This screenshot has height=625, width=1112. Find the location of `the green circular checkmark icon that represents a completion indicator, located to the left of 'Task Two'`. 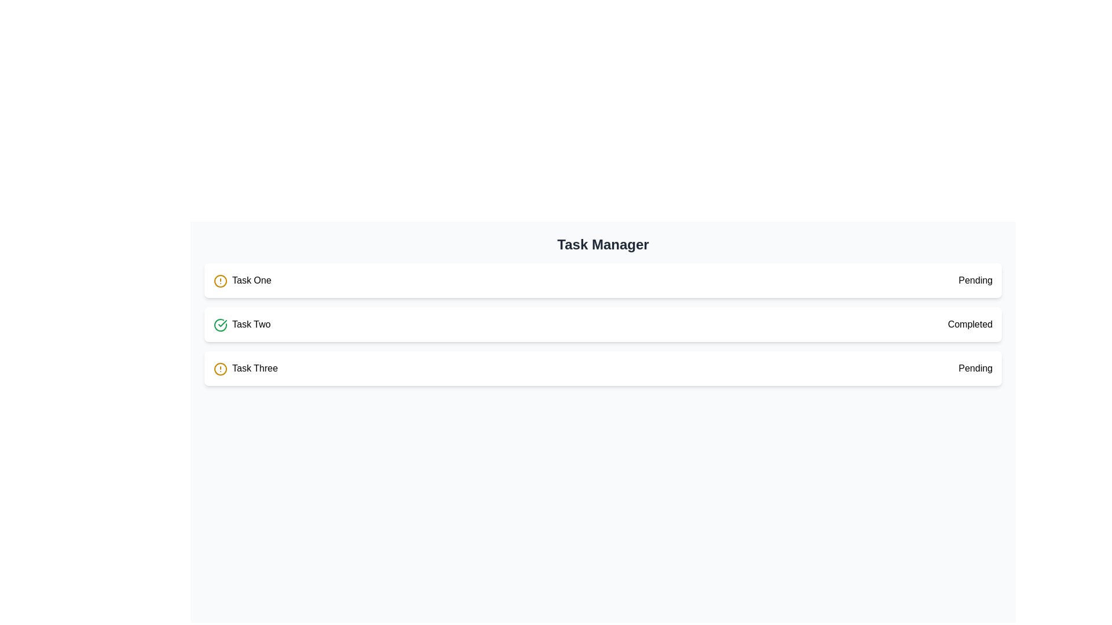

the green circular checkmark icon that represents a completion indicator, located to the left of 'Task Two' is located at coordinates (220, 324).